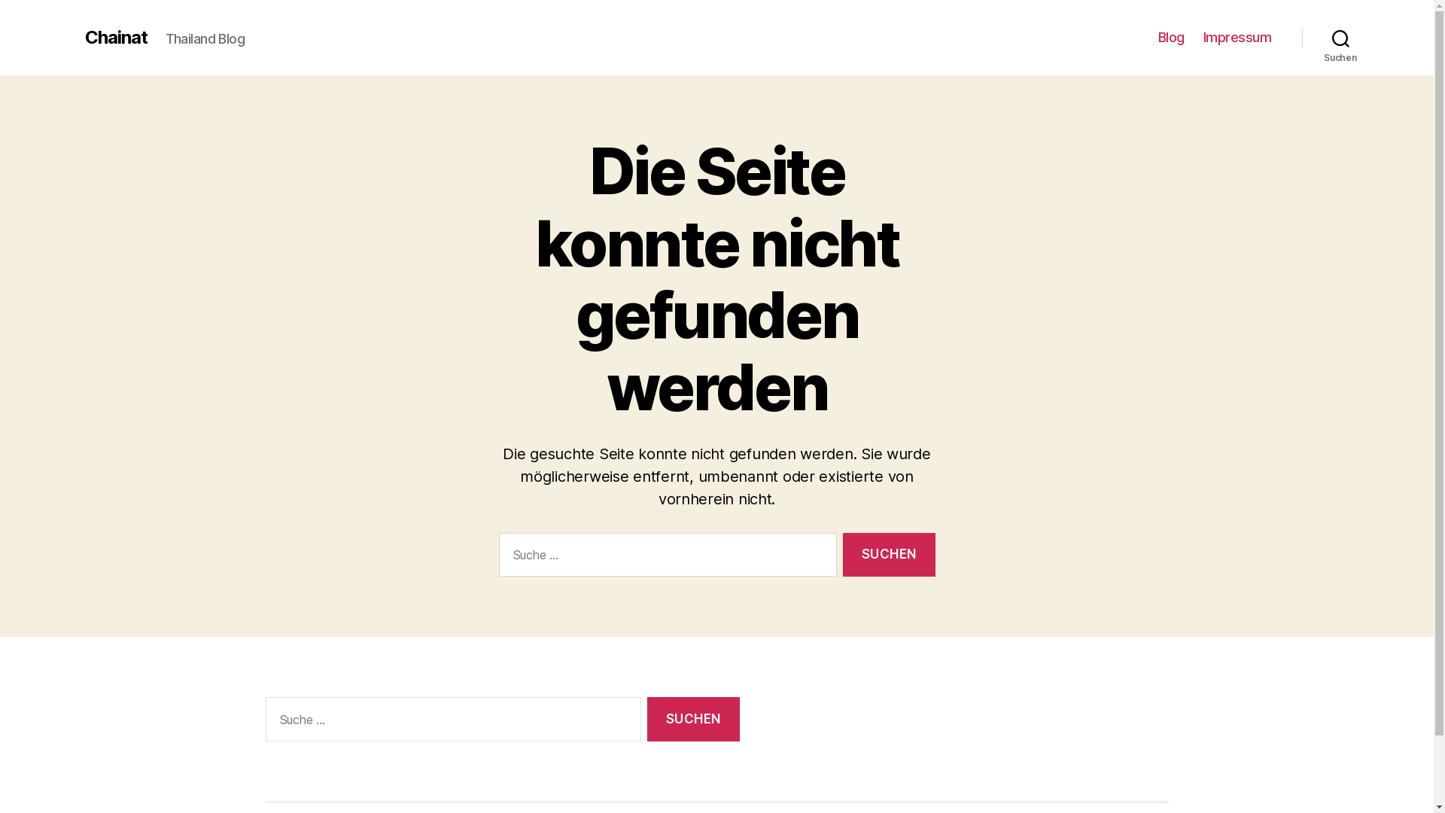  I want to click on 'Suchen', so click(692, 718).